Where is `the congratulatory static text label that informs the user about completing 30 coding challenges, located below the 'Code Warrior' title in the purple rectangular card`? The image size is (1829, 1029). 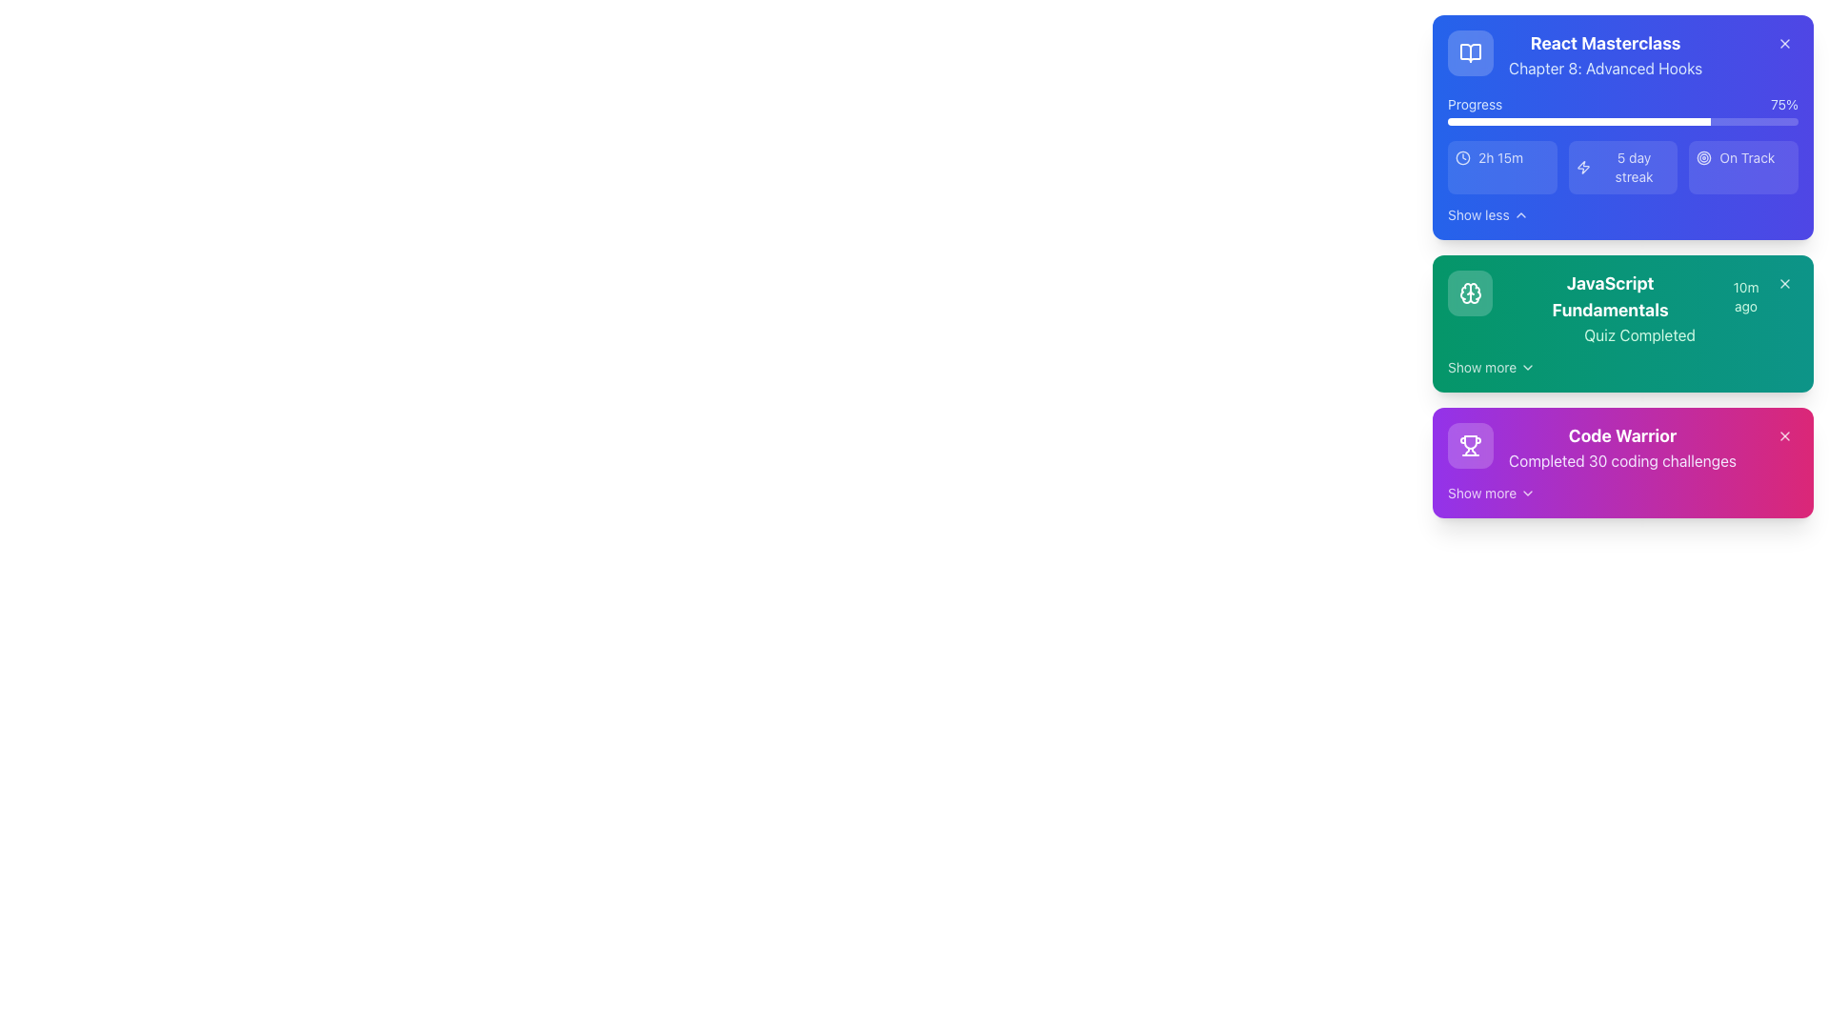 the congratulatory static text label that informs the user about completing 30 coding challenges, located below the 'Code Warrior' title in the purple rectangular card is located at coordinates (1621, 460).